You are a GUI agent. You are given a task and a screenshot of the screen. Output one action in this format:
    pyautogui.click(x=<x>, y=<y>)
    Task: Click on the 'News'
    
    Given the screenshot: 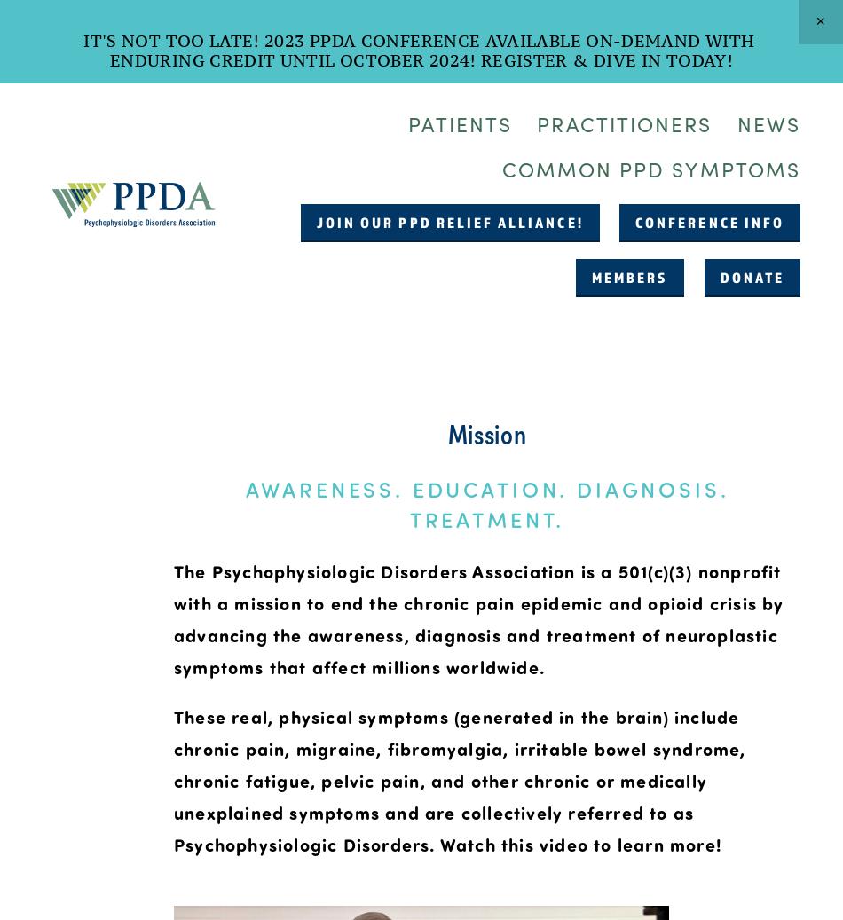 What is the action you would take?
    pyautogui.click(x=768, y=122)
    